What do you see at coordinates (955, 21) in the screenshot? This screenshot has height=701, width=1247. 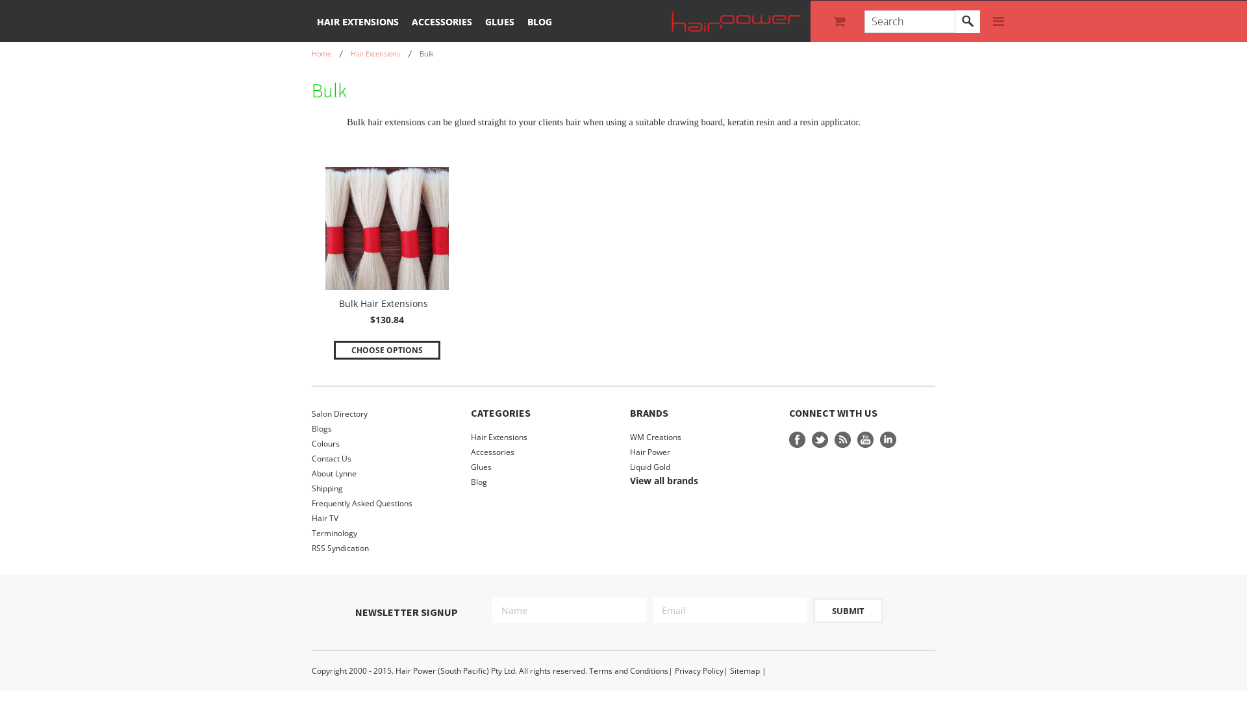 I see `'Search'` at bounding box center [955, 21].